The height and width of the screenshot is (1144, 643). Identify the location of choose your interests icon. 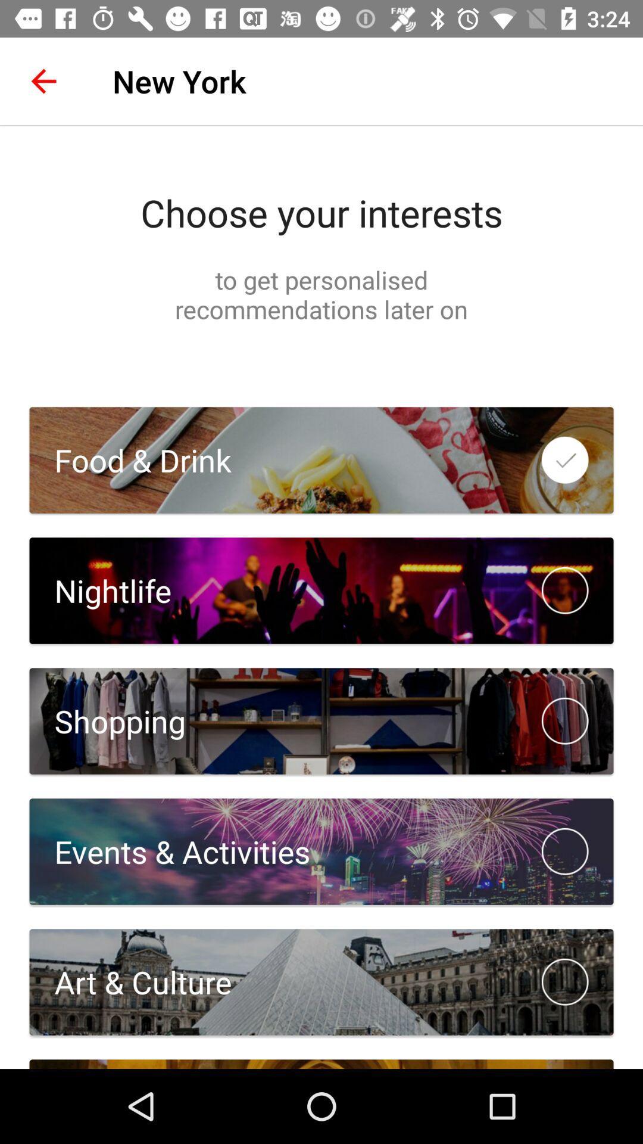
(321, 212).